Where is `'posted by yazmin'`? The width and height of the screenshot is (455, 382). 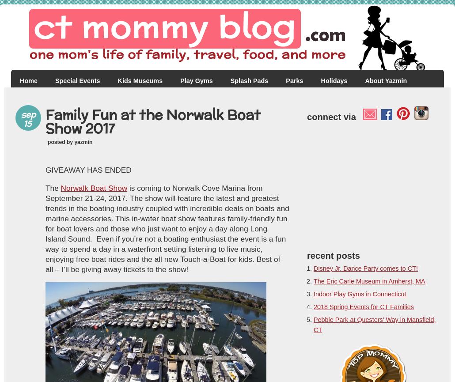 'posted by yazmin' is located at coordinates (69, 142).